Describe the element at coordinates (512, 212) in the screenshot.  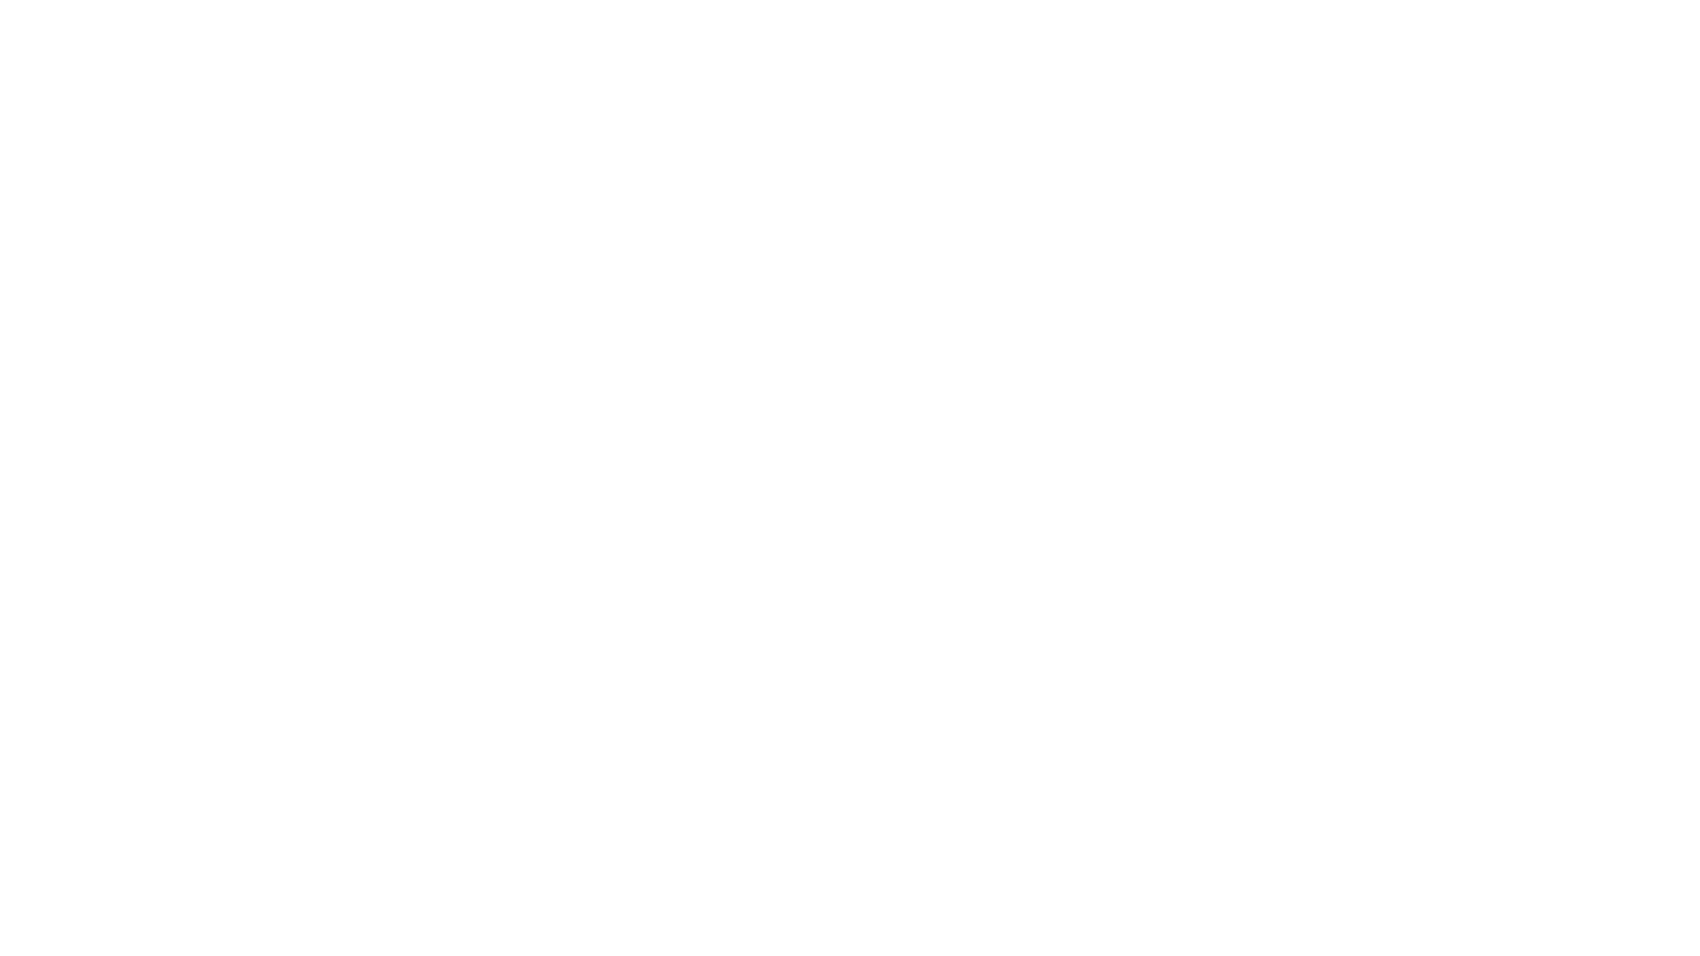
I see `By Address` at that location.